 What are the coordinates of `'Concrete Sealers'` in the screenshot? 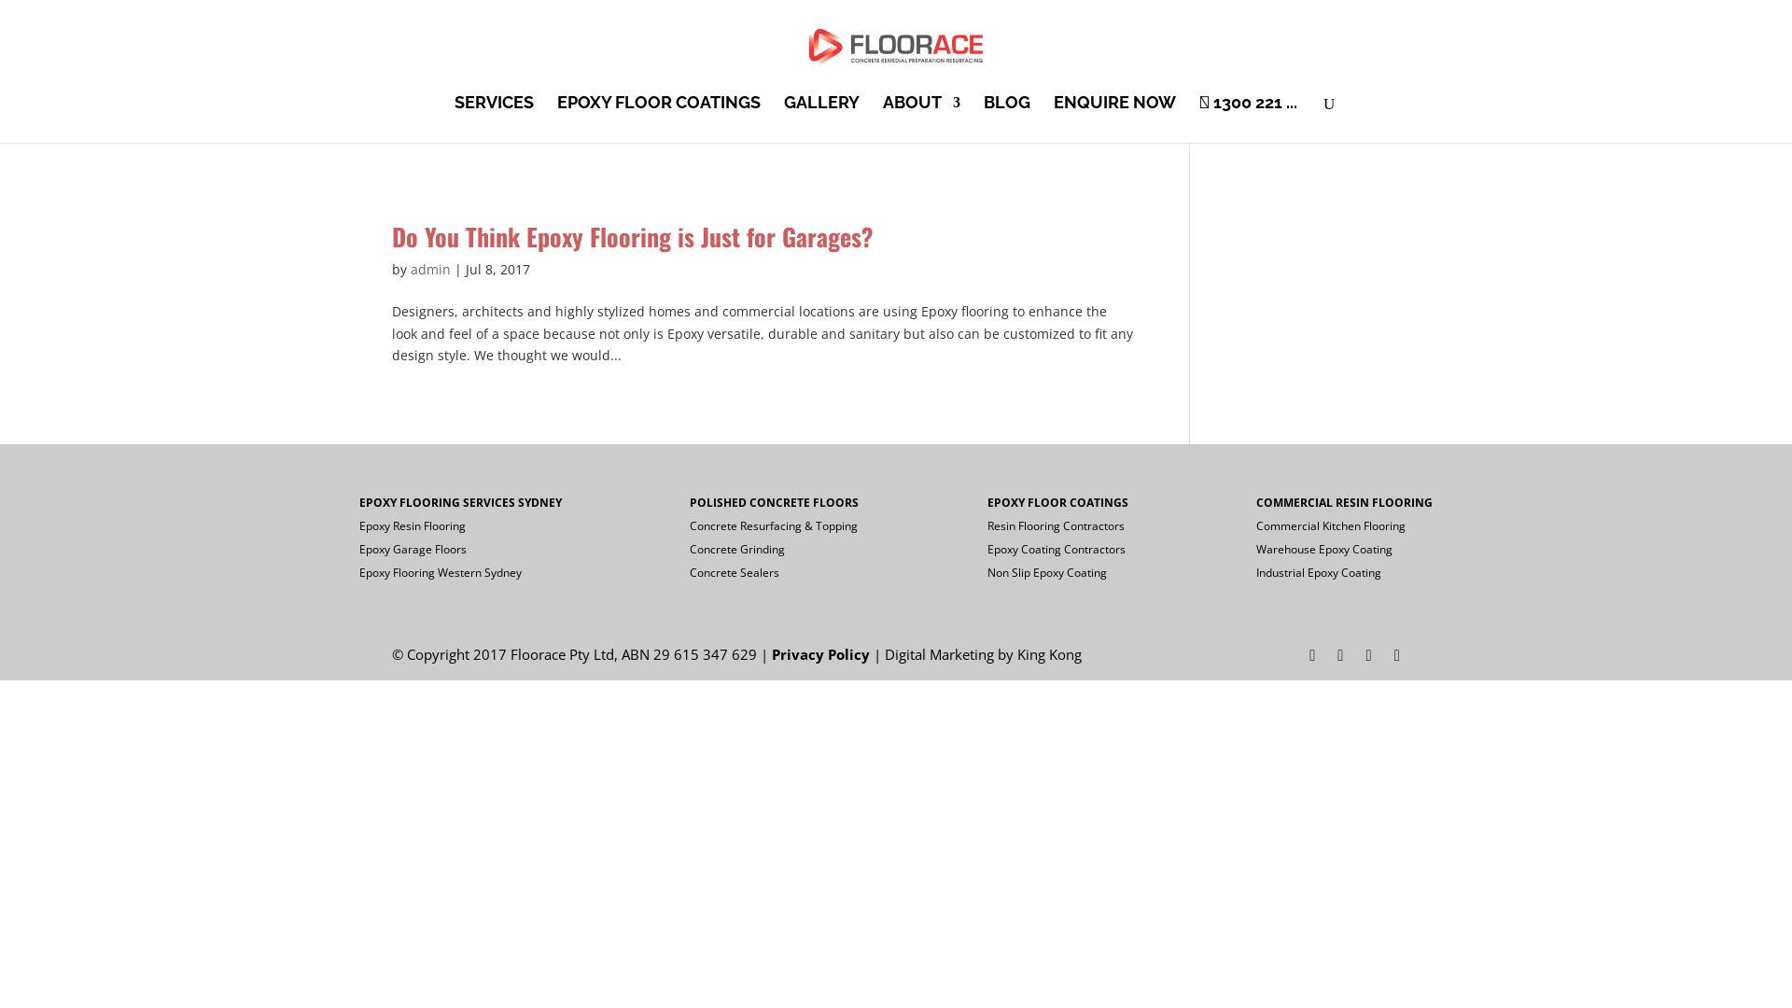 It's located at (689, 571).